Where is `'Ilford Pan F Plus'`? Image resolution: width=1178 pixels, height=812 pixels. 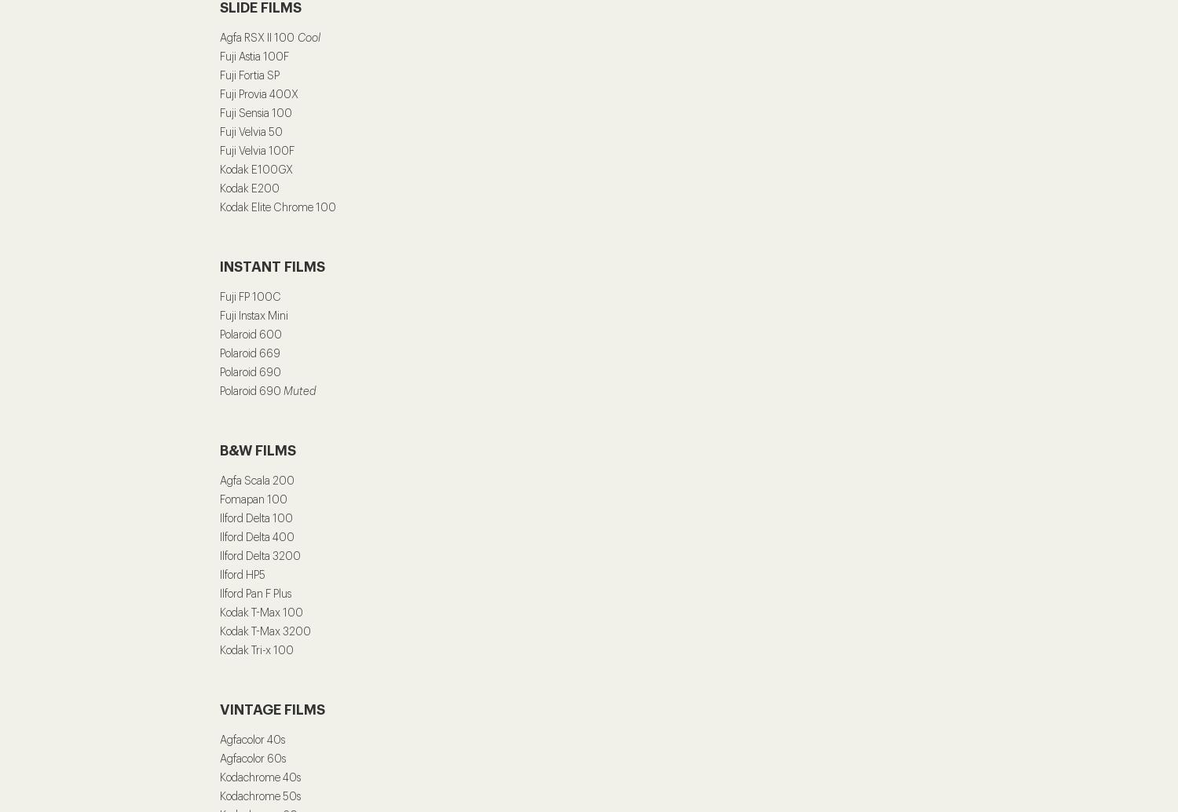 'Ilford Pan F Plus' is located at coordinates (256, 594).